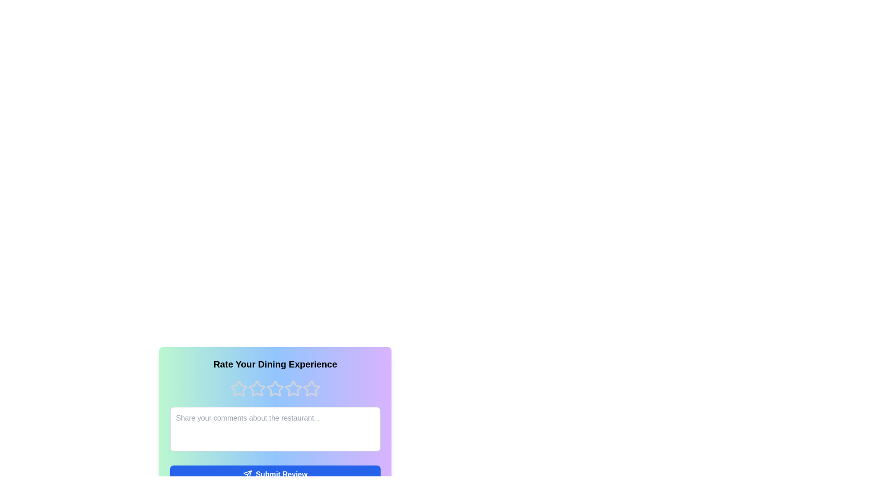  I want to click on the second star-shaped rating icon, which is light gray and larger than the other icons, located below the header 'Rate Your Dining Experience', so click(274, 388).